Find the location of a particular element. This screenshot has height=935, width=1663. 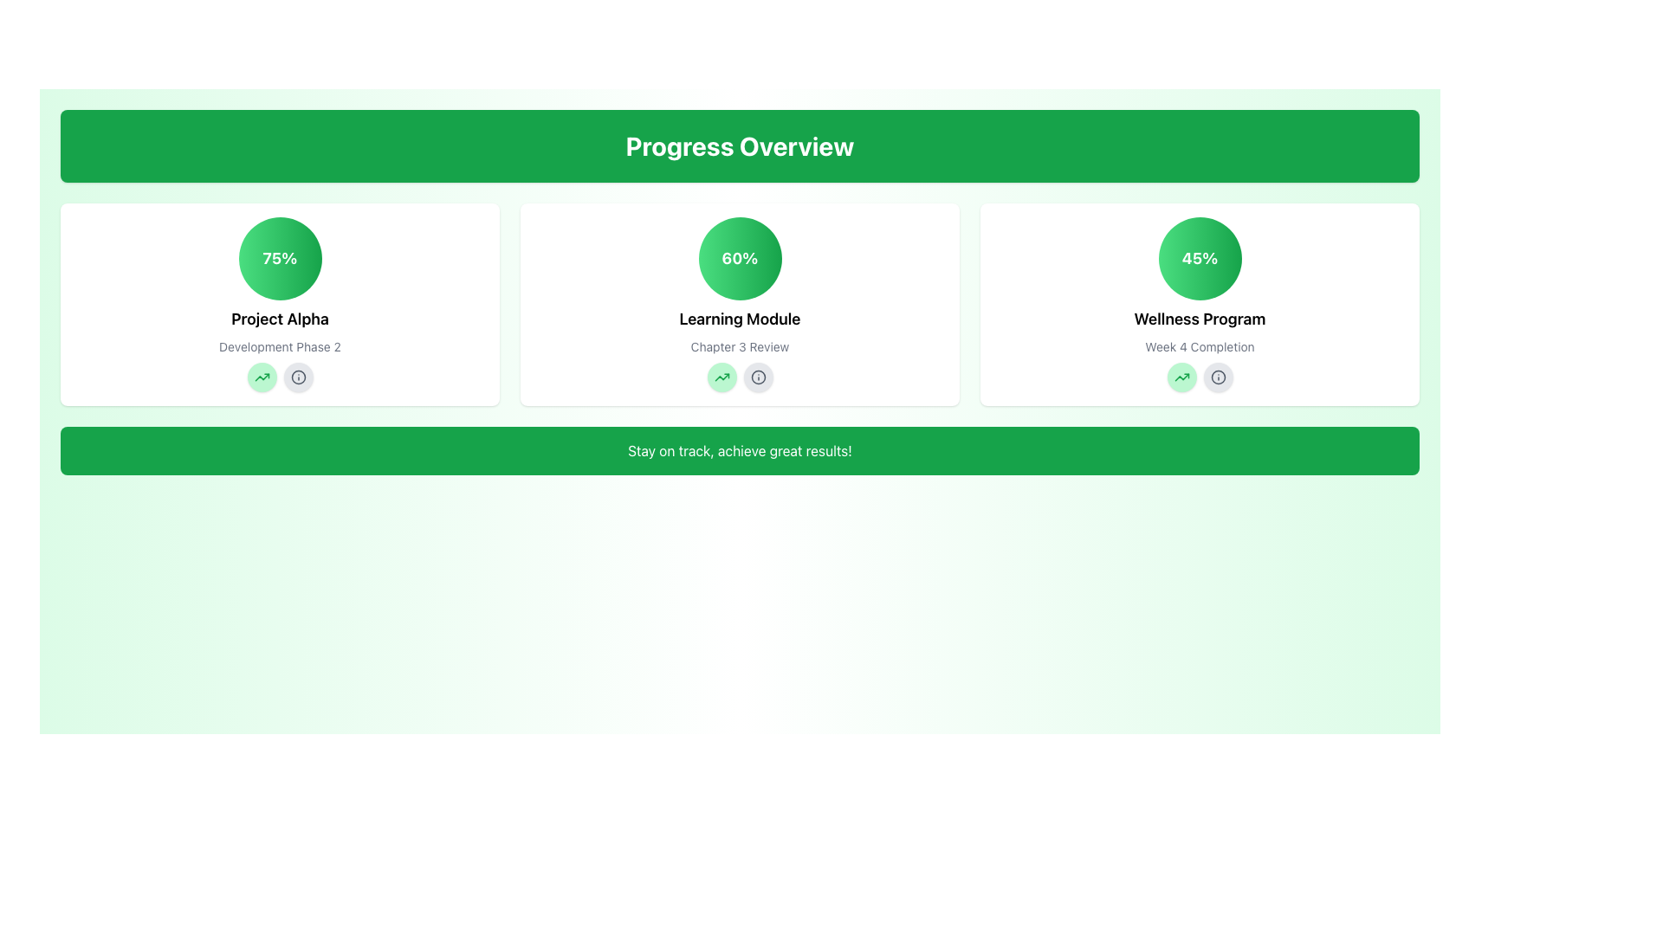

the unique upward trending green arrow icon located in the second card labeled 'Learning Module', positioned beneath the main progress circle is located at coordinates (721, 376).